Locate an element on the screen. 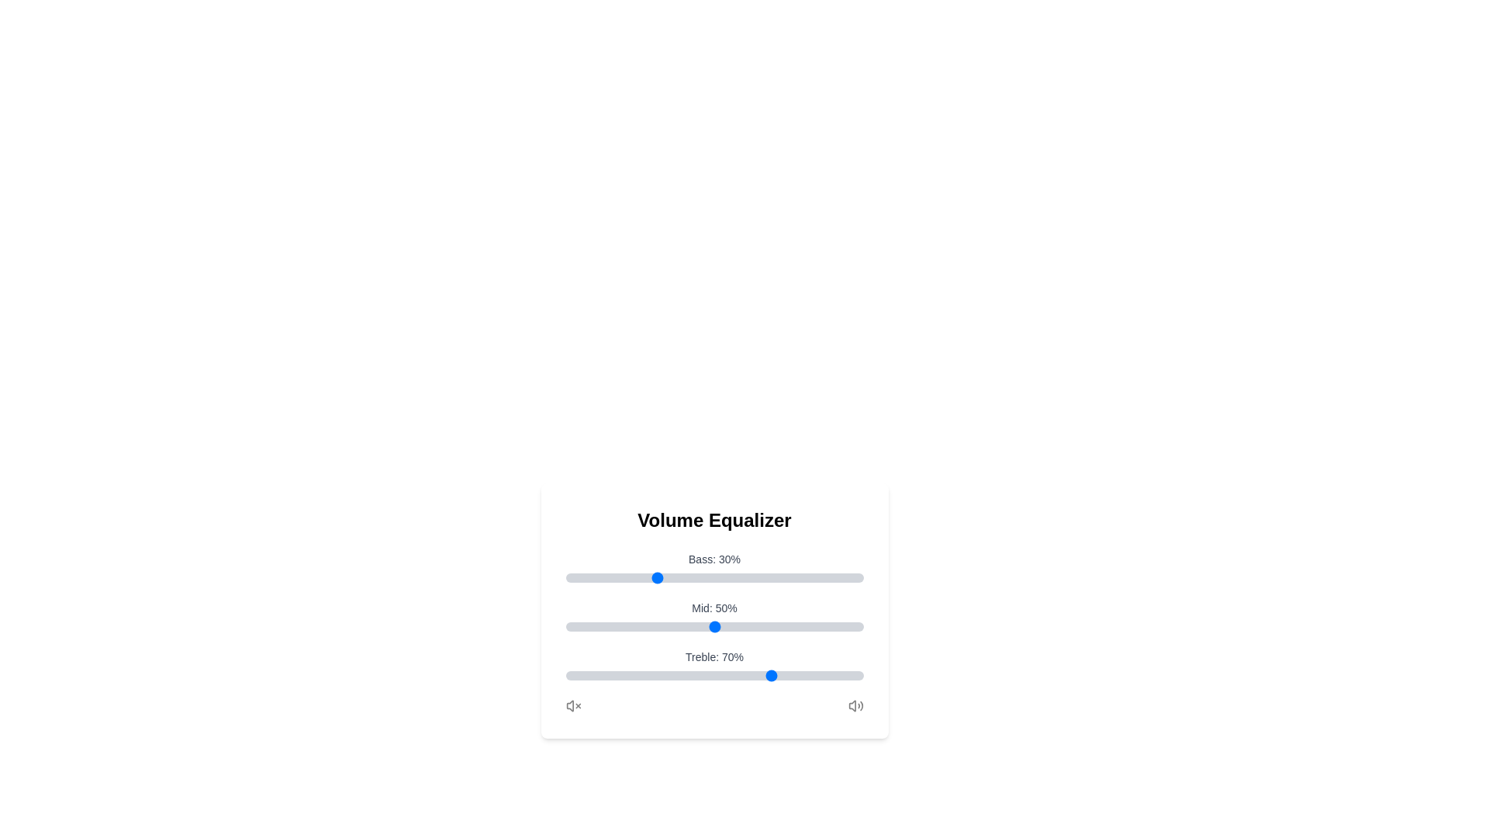  the volume icon to interact with it visually is located at coordinates (855, 706).